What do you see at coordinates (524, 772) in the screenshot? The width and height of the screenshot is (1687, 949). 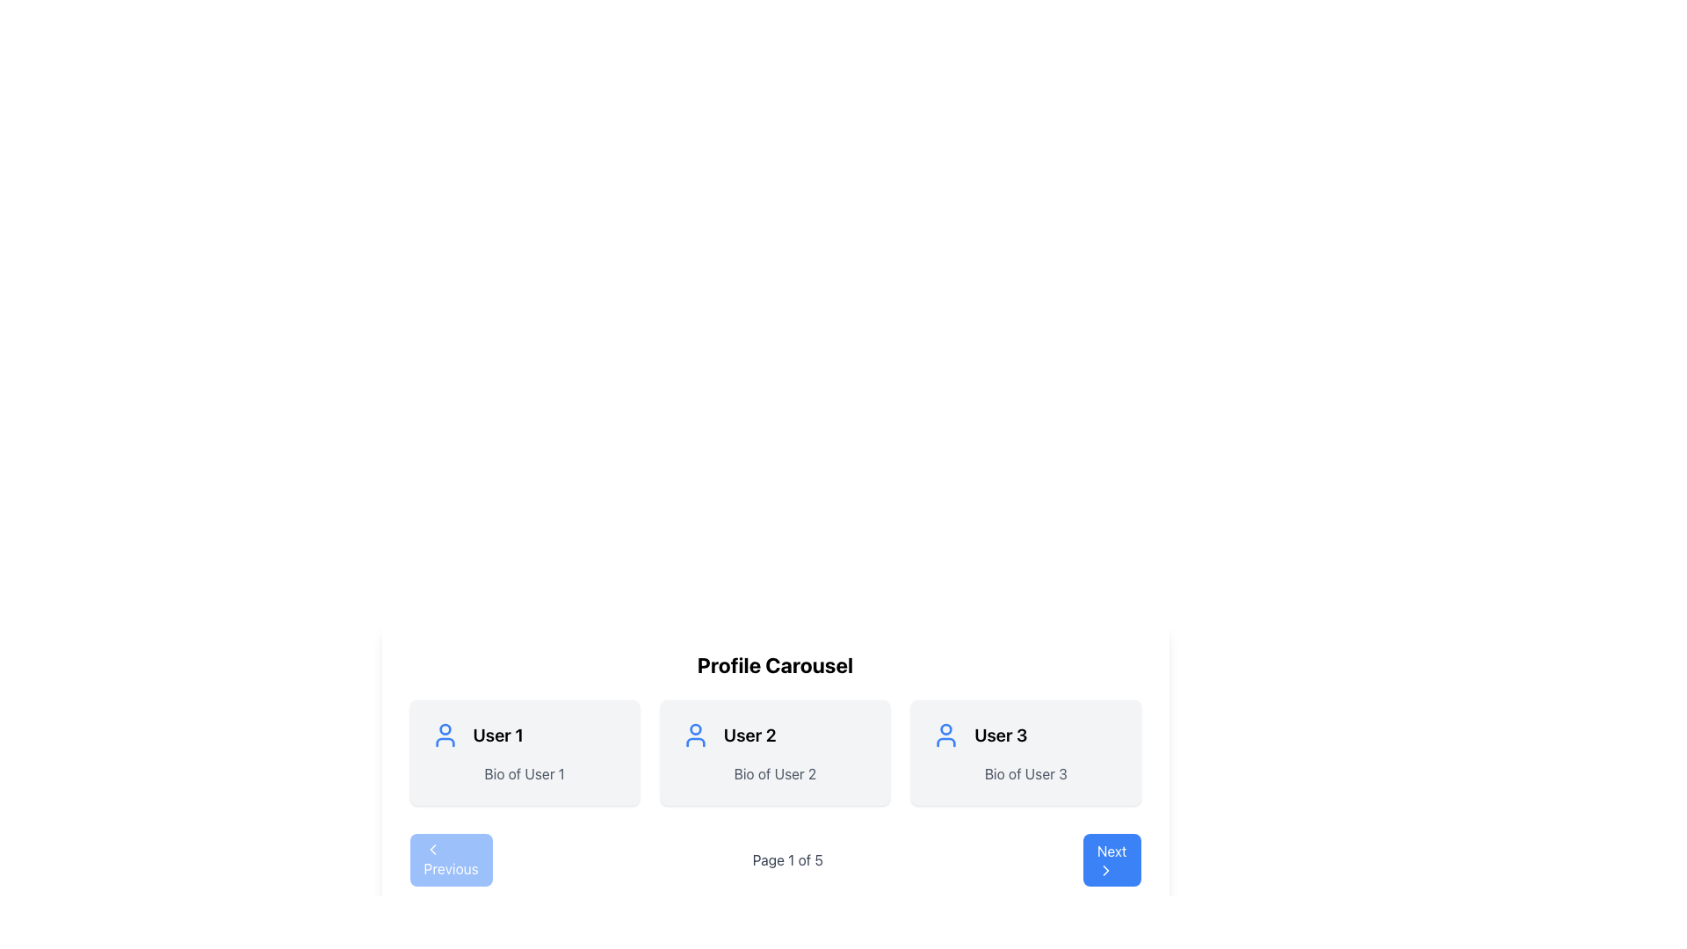 I see `the text label displaying 'Bio of User 1', which is styled in gray and located below the heading 'User 1' in the first profile card` at bounding box center [524, 772].